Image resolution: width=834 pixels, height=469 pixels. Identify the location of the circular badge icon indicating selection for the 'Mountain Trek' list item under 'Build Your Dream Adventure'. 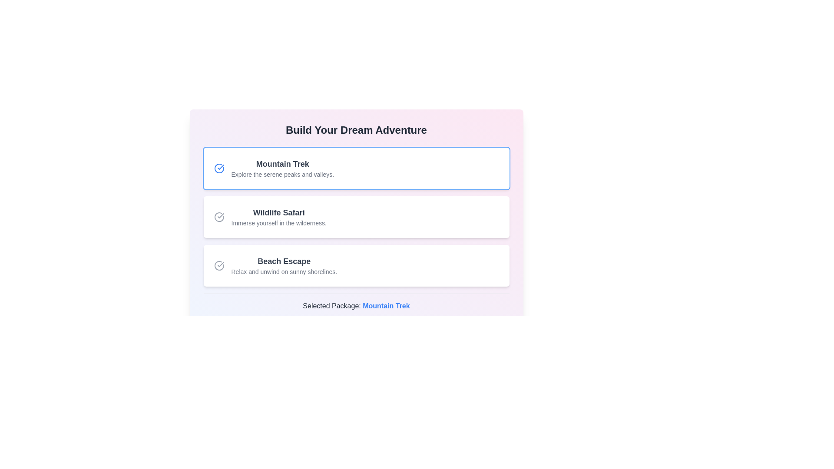
(221, 167).